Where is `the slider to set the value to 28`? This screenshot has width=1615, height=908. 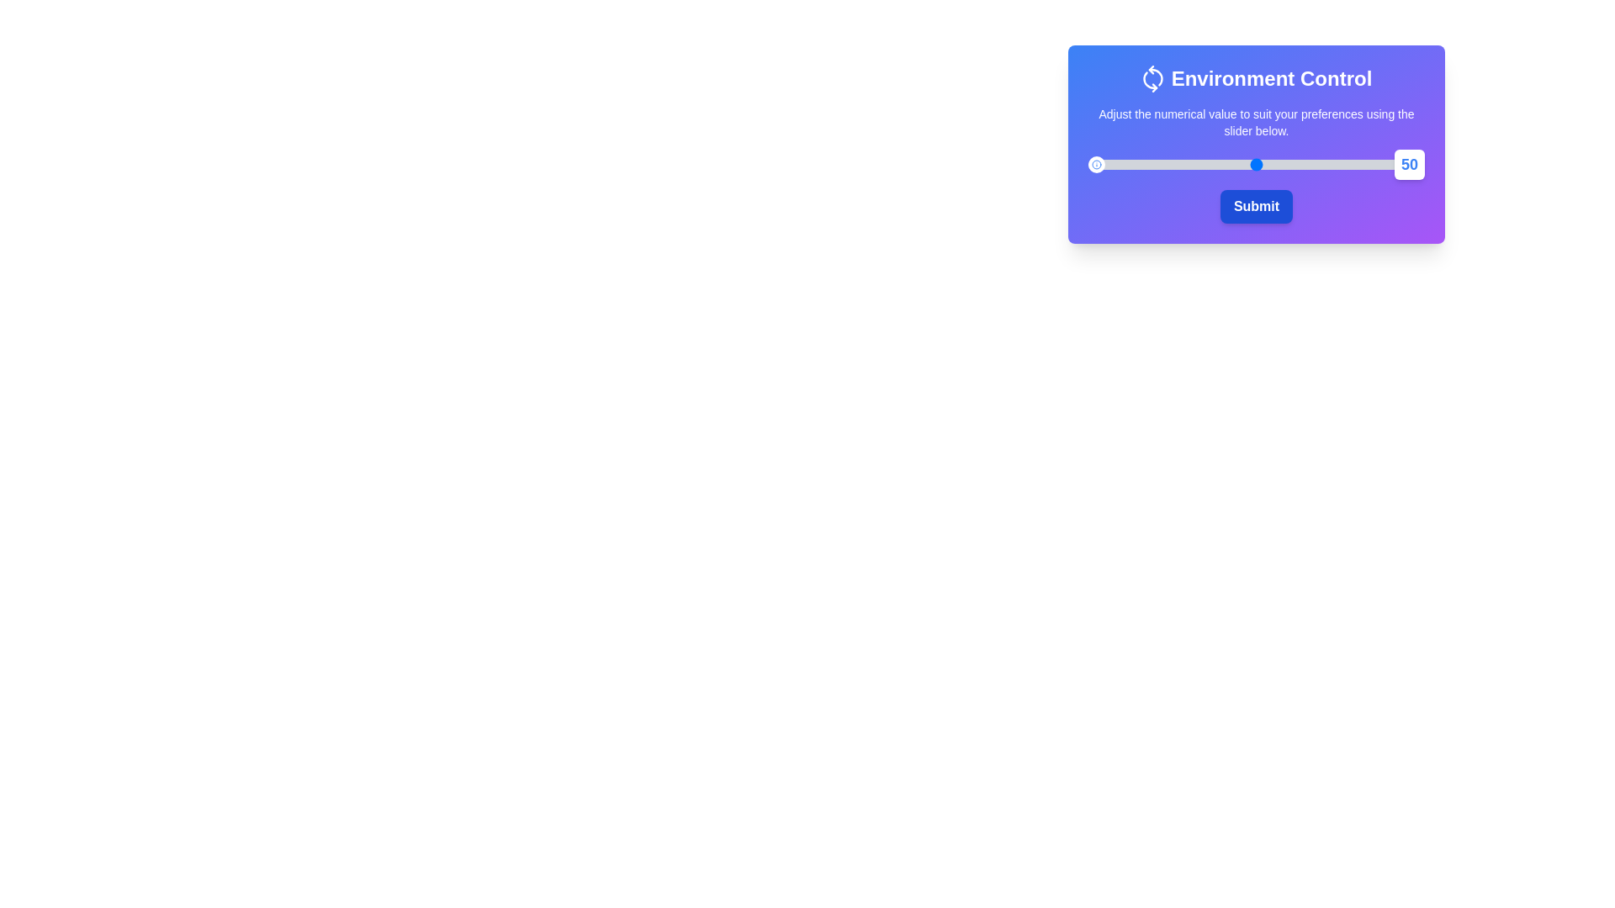
the slider to set the value to 28 is located at coordinates (1182, 165).